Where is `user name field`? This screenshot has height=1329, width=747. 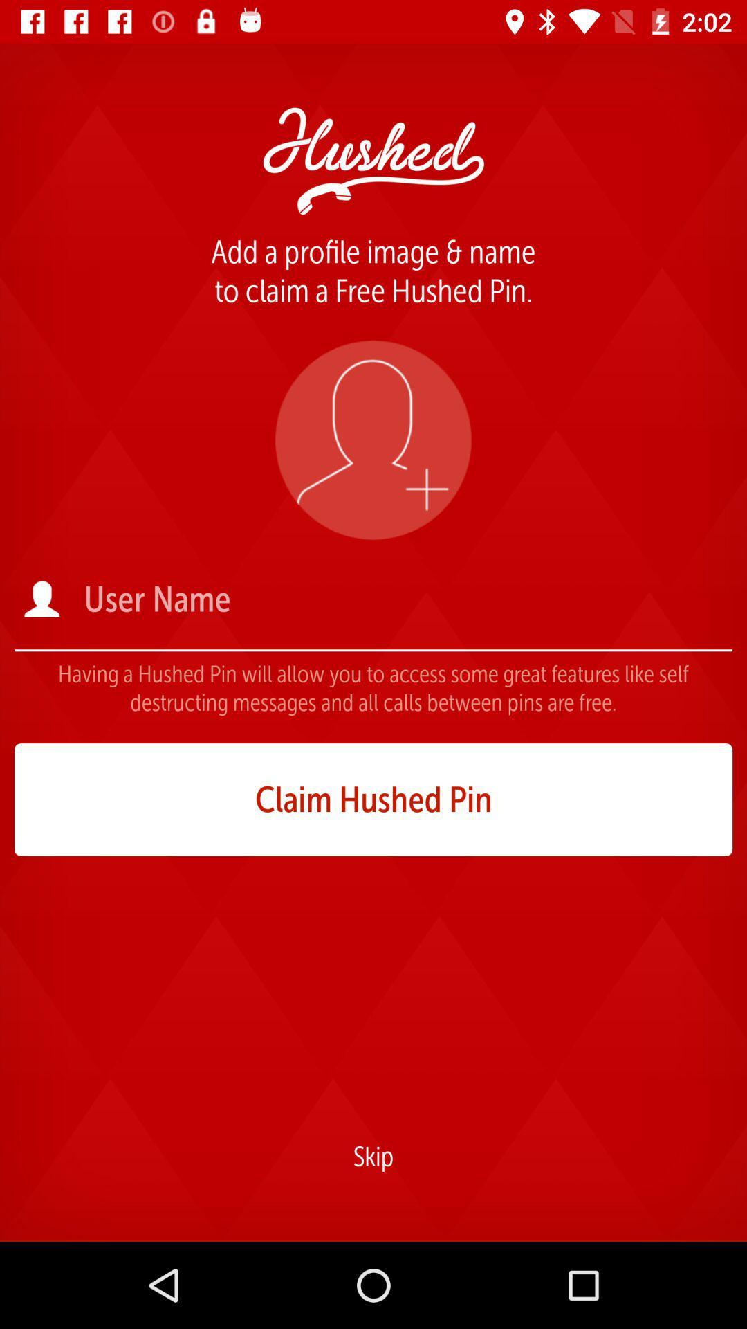 user name field is located at coordinates (406, 599).